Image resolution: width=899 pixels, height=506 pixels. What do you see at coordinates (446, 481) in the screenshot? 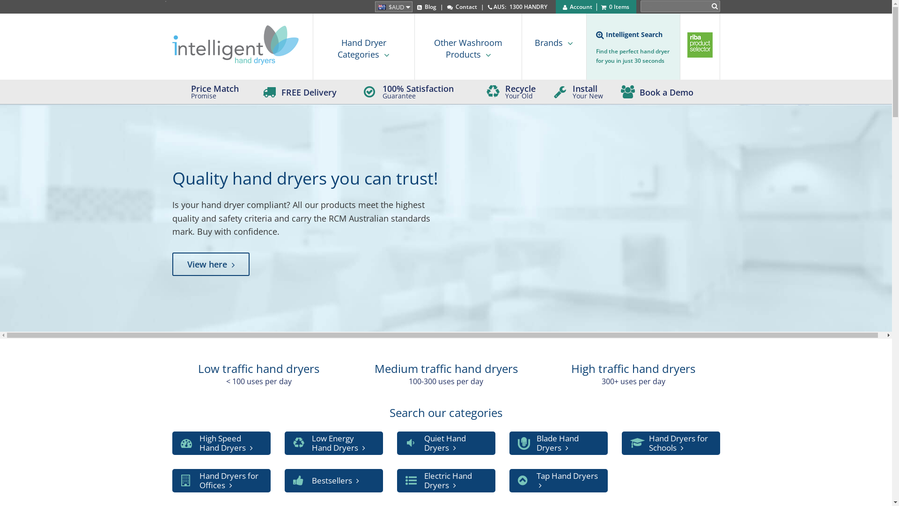
I see `'Electric Hand Dryers'` at bounding box center [446, 481].